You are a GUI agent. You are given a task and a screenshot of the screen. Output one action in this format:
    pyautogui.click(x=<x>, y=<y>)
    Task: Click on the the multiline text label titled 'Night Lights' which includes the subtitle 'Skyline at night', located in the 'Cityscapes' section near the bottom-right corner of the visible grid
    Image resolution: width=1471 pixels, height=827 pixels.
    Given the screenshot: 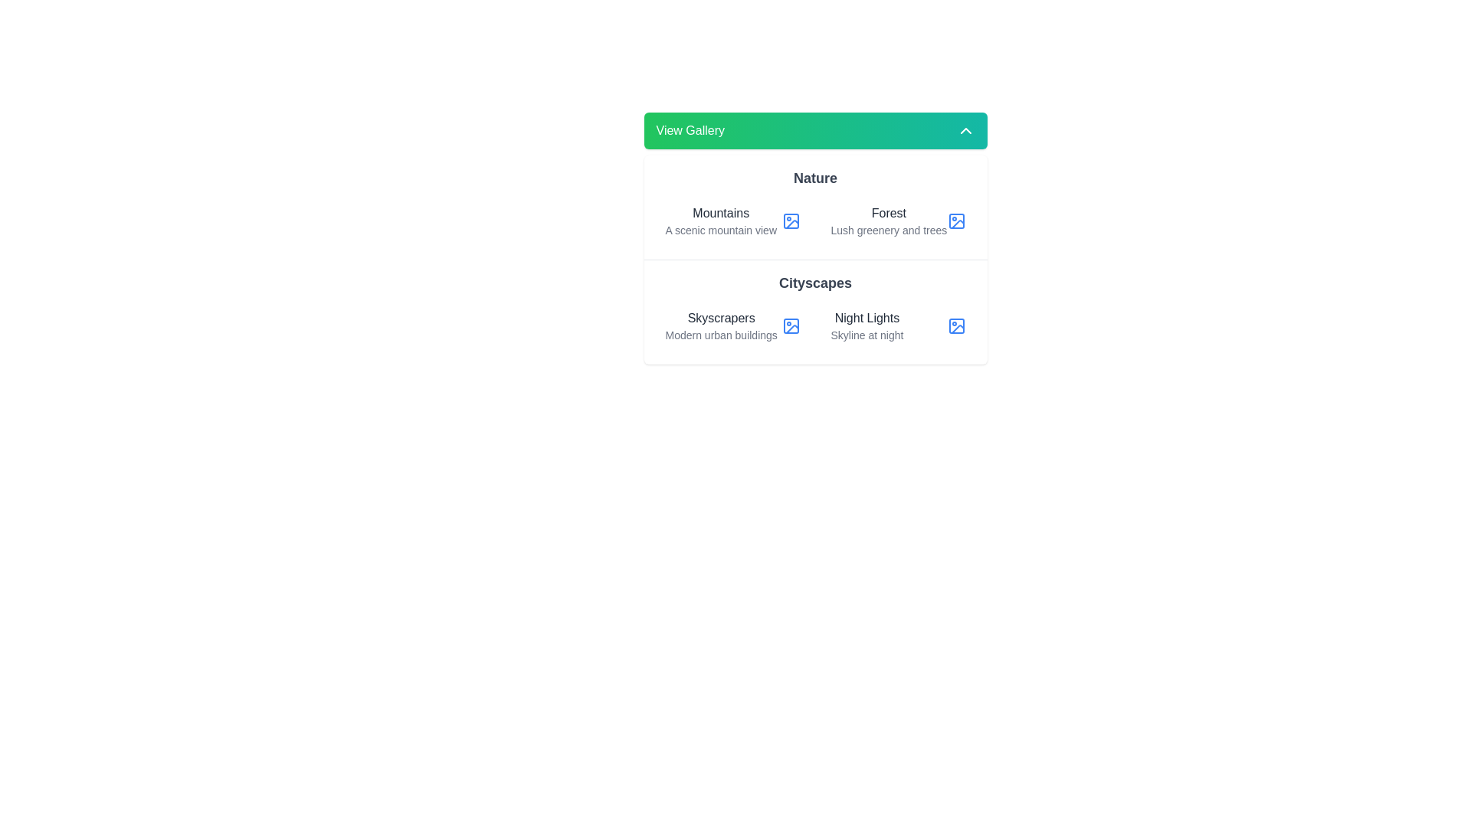 What is the action you would take?
    pyautogui.click(x=867, y=325)
    